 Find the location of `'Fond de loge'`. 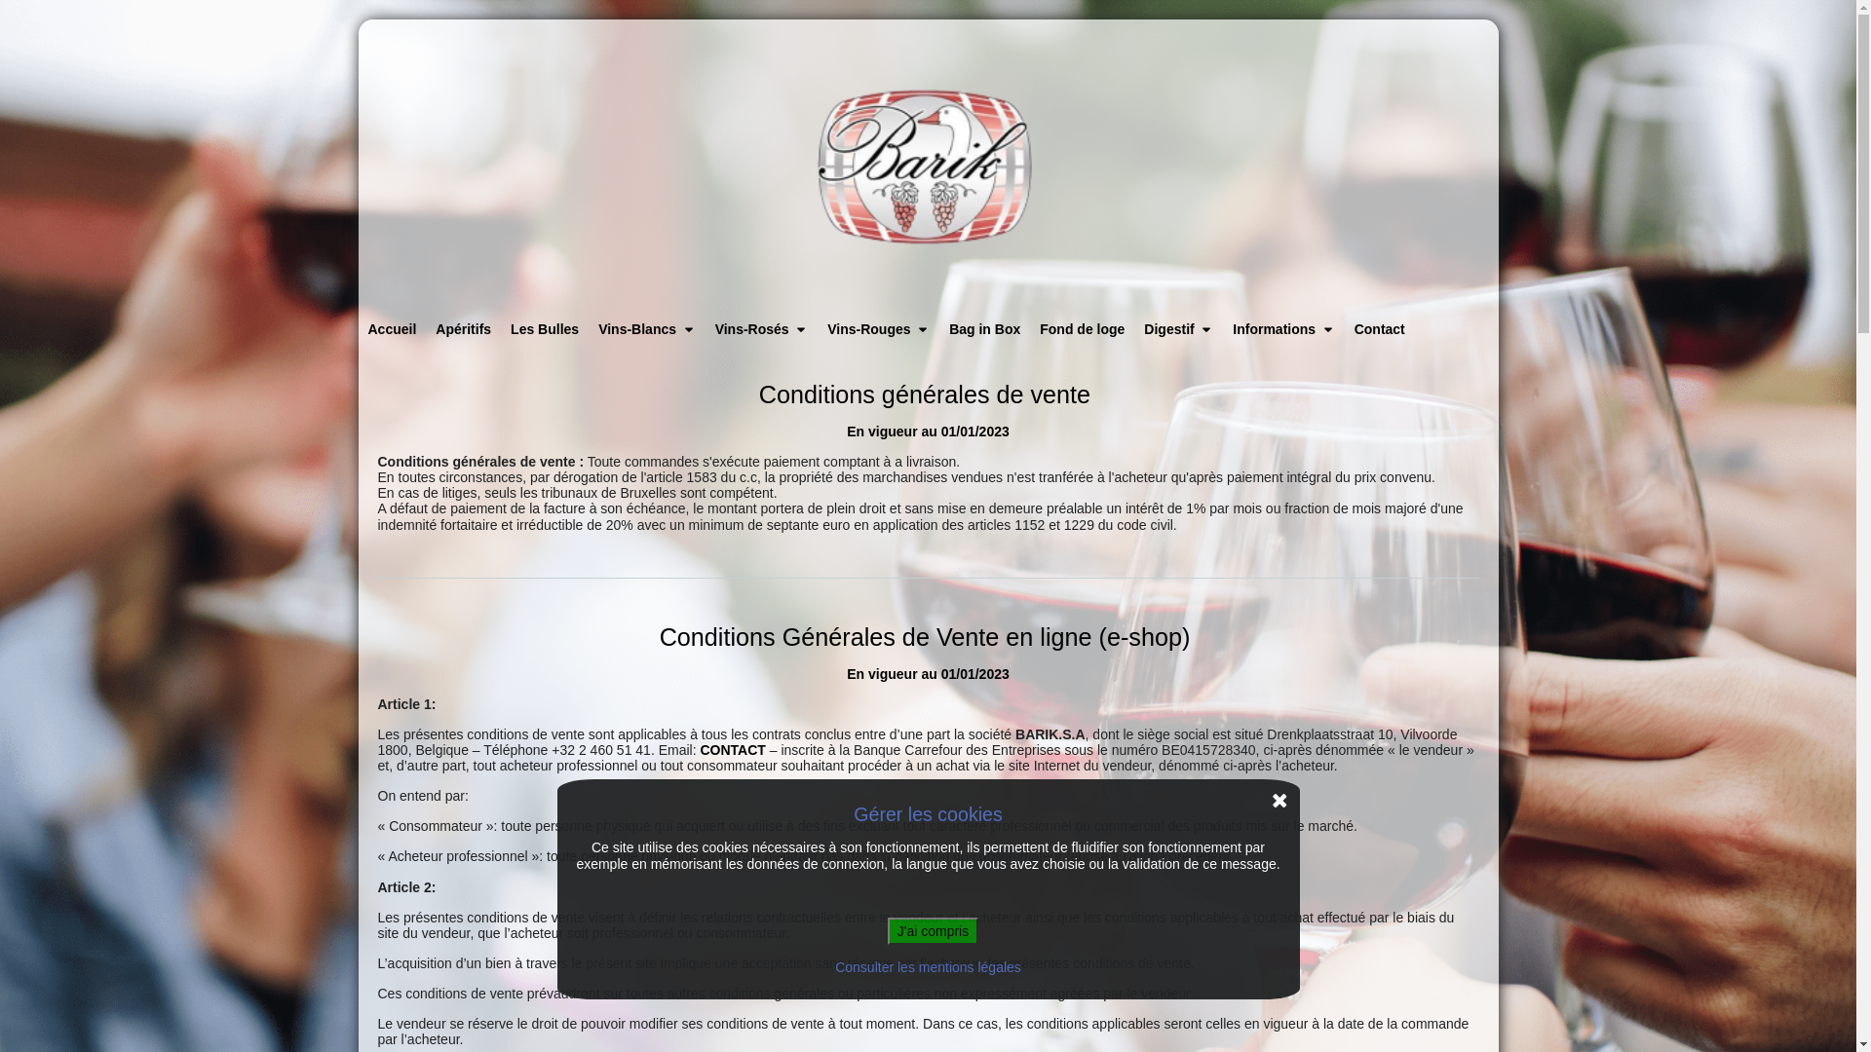

'Fond de loge' is located at coordinates (1081, 328).